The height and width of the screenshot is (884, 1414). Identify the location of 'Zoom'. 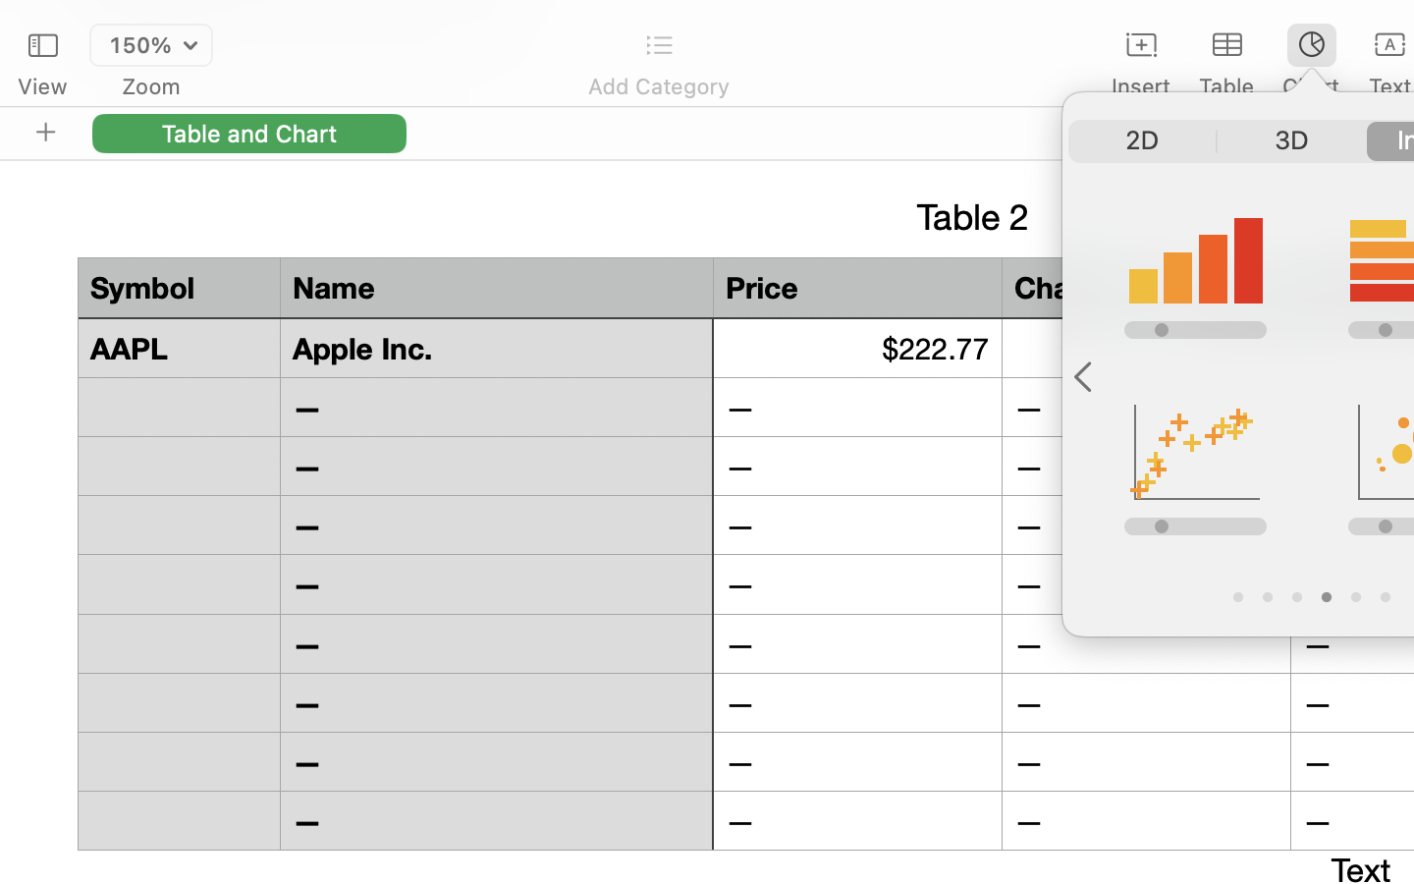
(149, 85).